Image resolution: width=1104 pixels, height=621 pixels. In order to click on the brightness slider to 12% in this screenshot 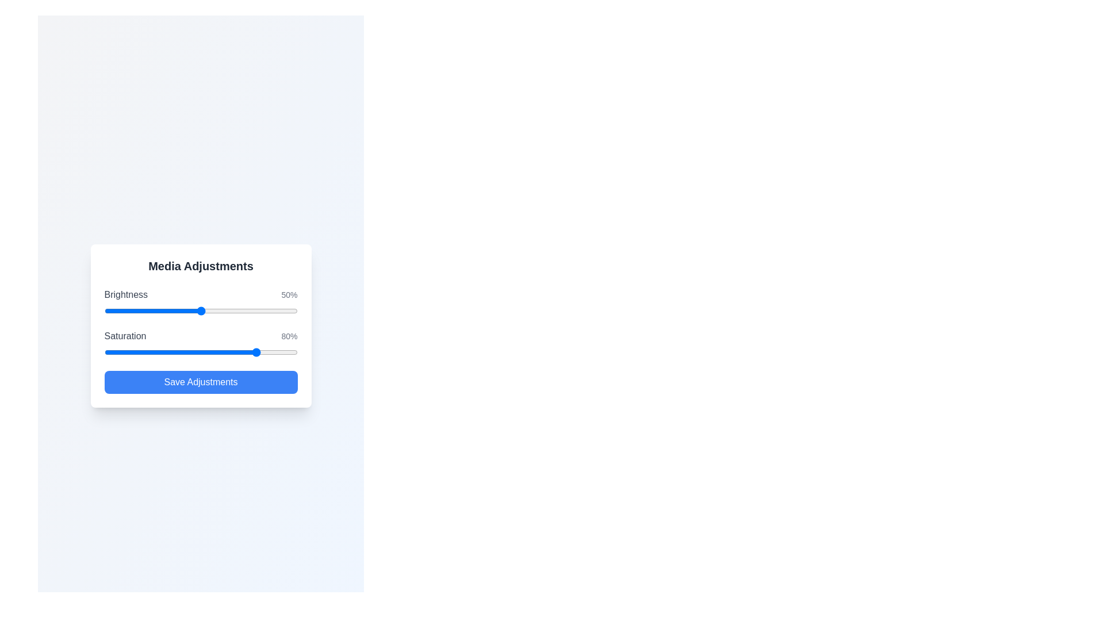, I will do `click(127, 310)`.